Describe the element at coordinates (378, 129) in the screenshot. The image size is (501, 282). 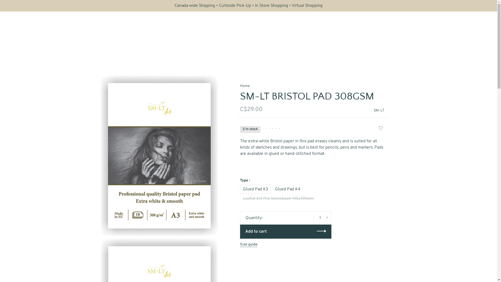
I see `'Add to wishlist'` at that location.